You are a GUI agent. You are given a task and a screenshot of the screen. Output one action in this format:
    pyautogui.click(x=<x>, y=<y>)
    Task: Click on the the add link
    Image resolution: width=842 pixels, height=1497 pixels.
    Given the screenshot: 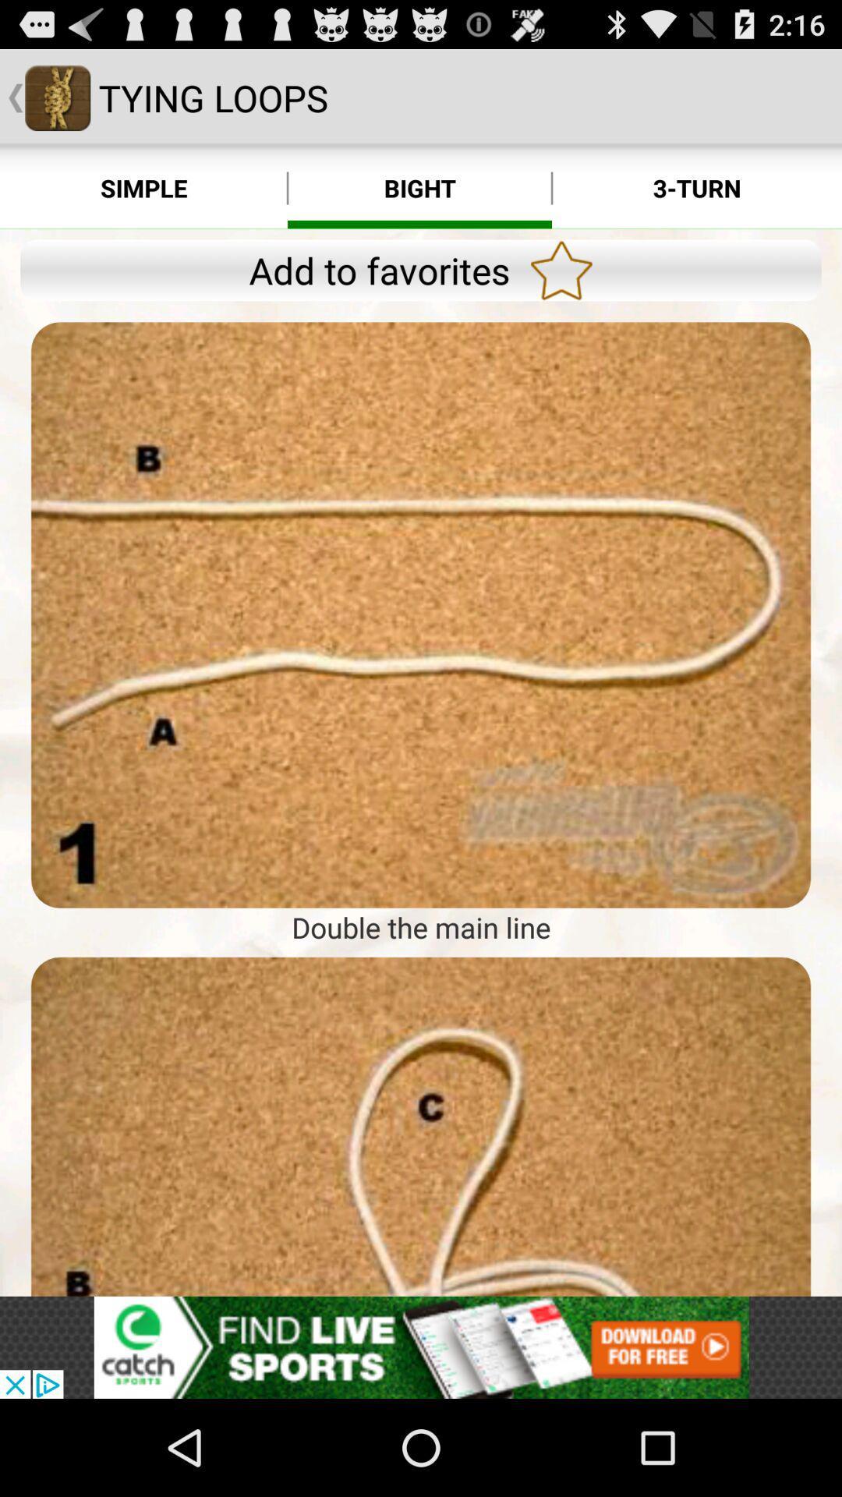 What is the action you would take?
    pyautogui.click(x=421, y=1347)
    